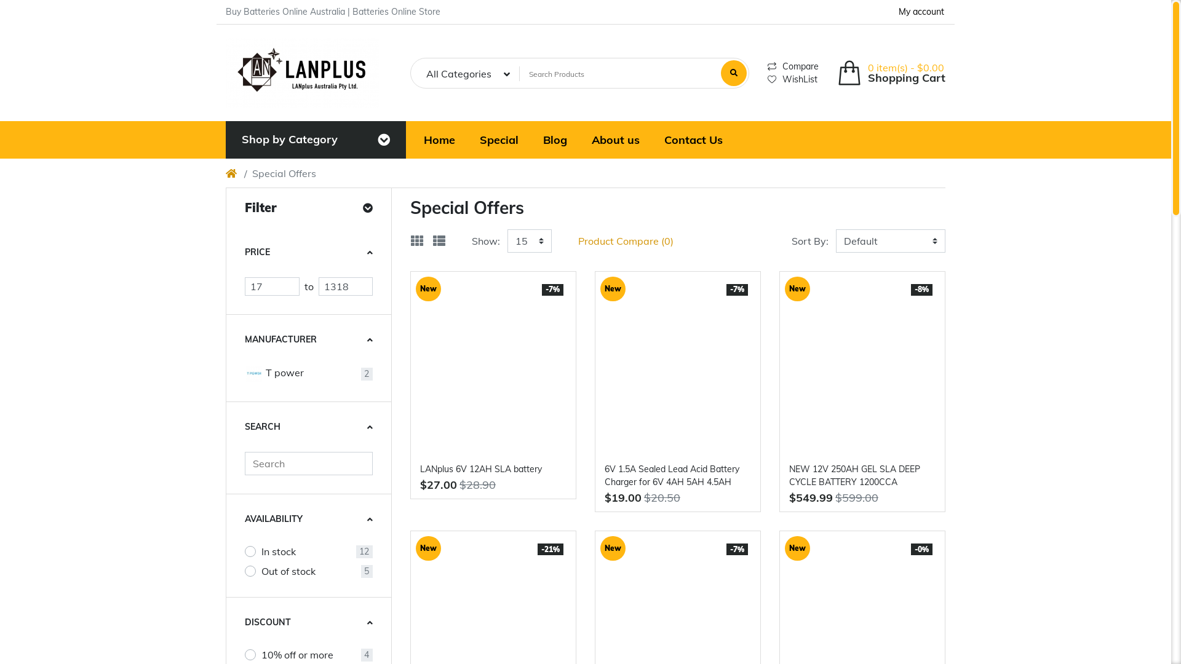 Image resolution: width=1181 pixels, height=664 pixels. I want to click on 'Compare', so click(793, 66).